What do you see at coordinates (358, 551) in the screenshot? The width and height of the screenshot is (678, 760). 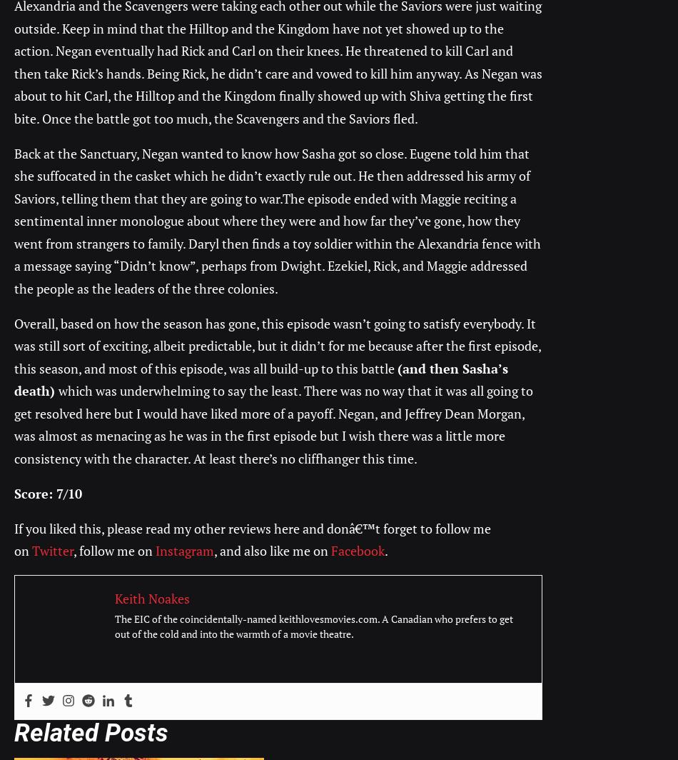 I see `'Facebook'` at bounding box center [358, 551].